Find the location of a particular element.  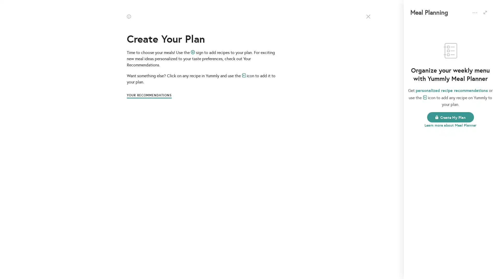

Vegan is located at coordinates (248, 148).